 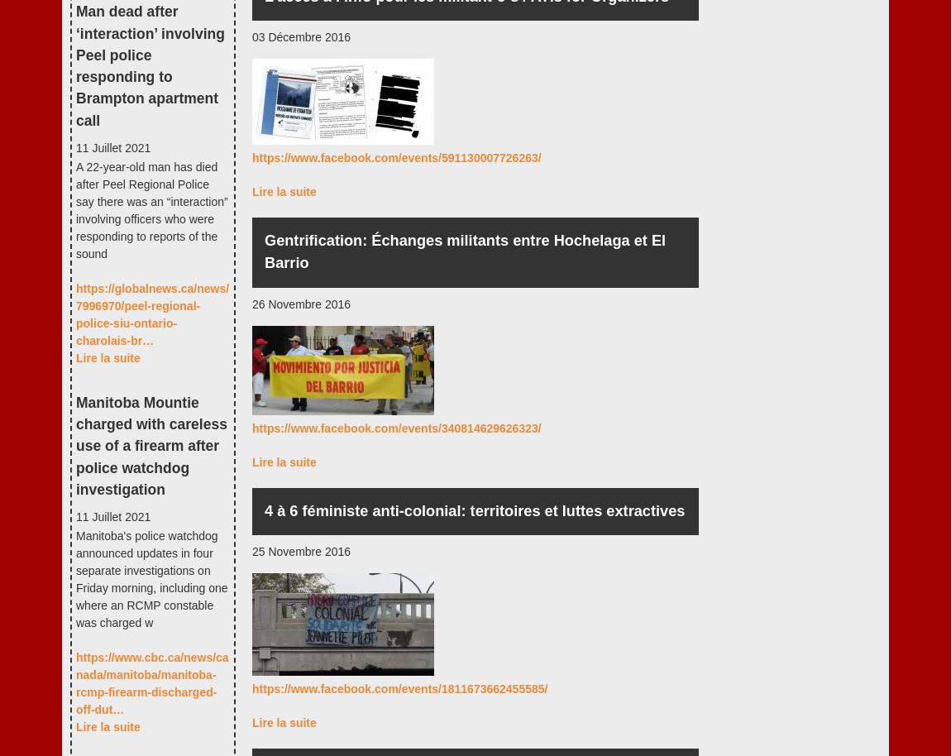 I want to click on '25 Novembre 2016', so click(x=301, y=551).